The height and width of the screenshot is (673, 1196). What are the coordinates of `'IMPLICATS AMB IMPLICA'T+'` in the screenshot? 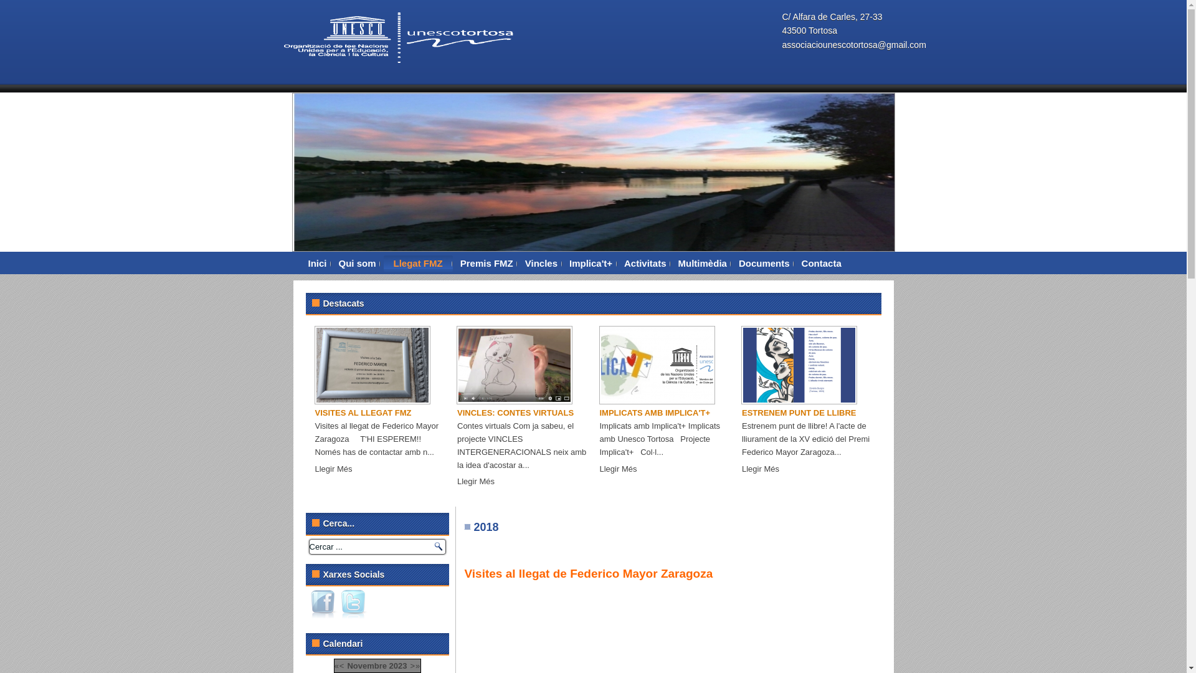 It's located at (599, 413).